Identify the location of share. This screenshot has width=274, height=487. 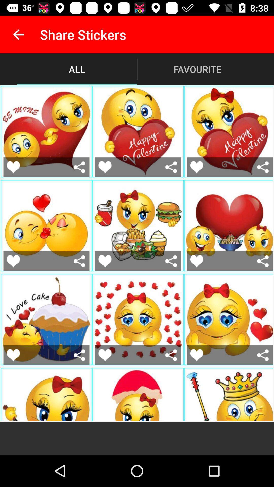
(171, 167).